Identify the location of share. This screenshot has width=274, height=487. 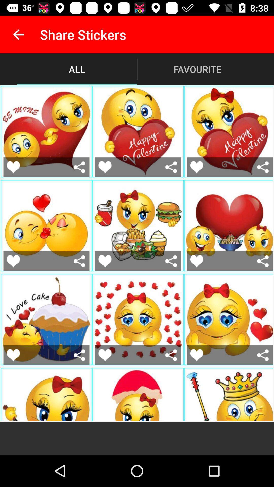
(171, 167).